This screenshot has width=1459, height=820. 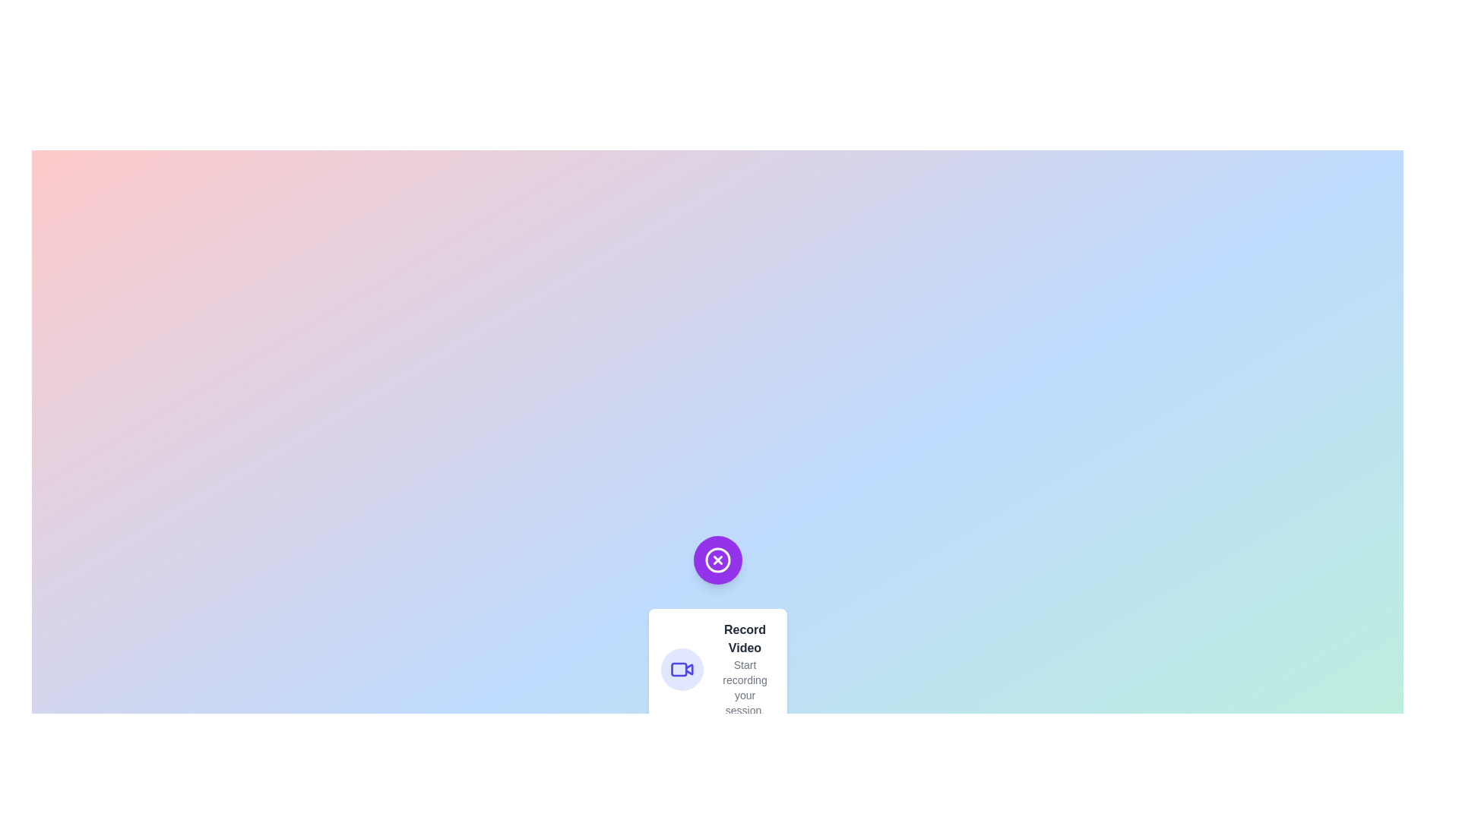 What do you see at coordinates (717, 560) in the screenshot?
I see `main button to toggle the menu` at bounding box center [717, 560].